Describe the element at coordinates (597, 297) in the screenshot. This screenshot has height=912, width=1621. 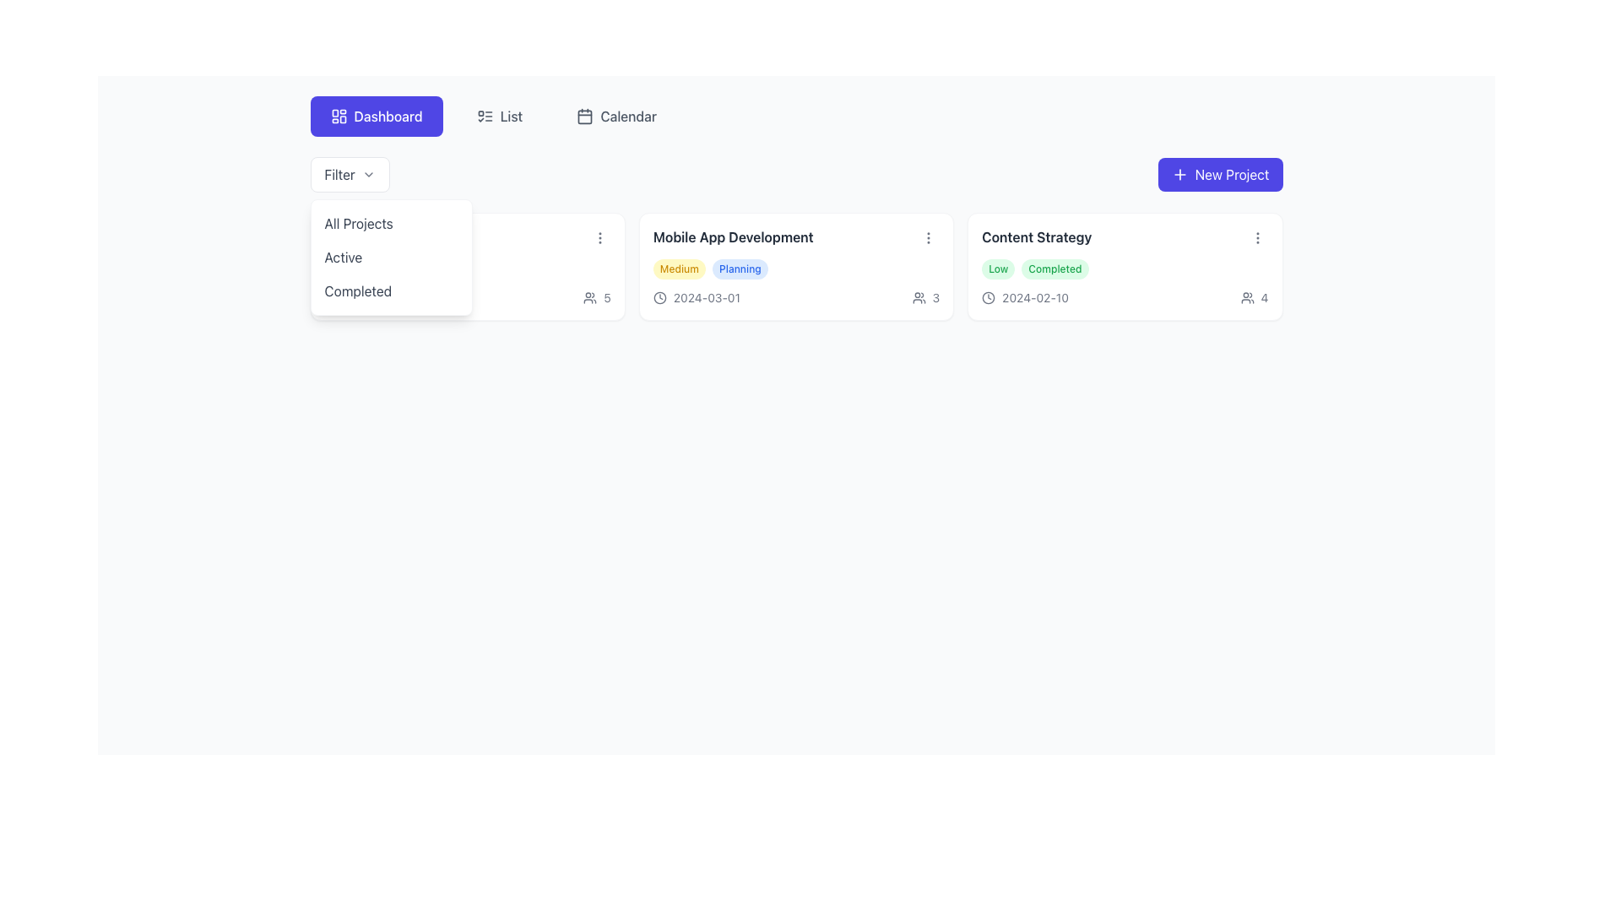
I see `the Static Information Label that displays the number of users associated with a group, located to the far right of similar elements and adjacent to the group's icon` at that location.